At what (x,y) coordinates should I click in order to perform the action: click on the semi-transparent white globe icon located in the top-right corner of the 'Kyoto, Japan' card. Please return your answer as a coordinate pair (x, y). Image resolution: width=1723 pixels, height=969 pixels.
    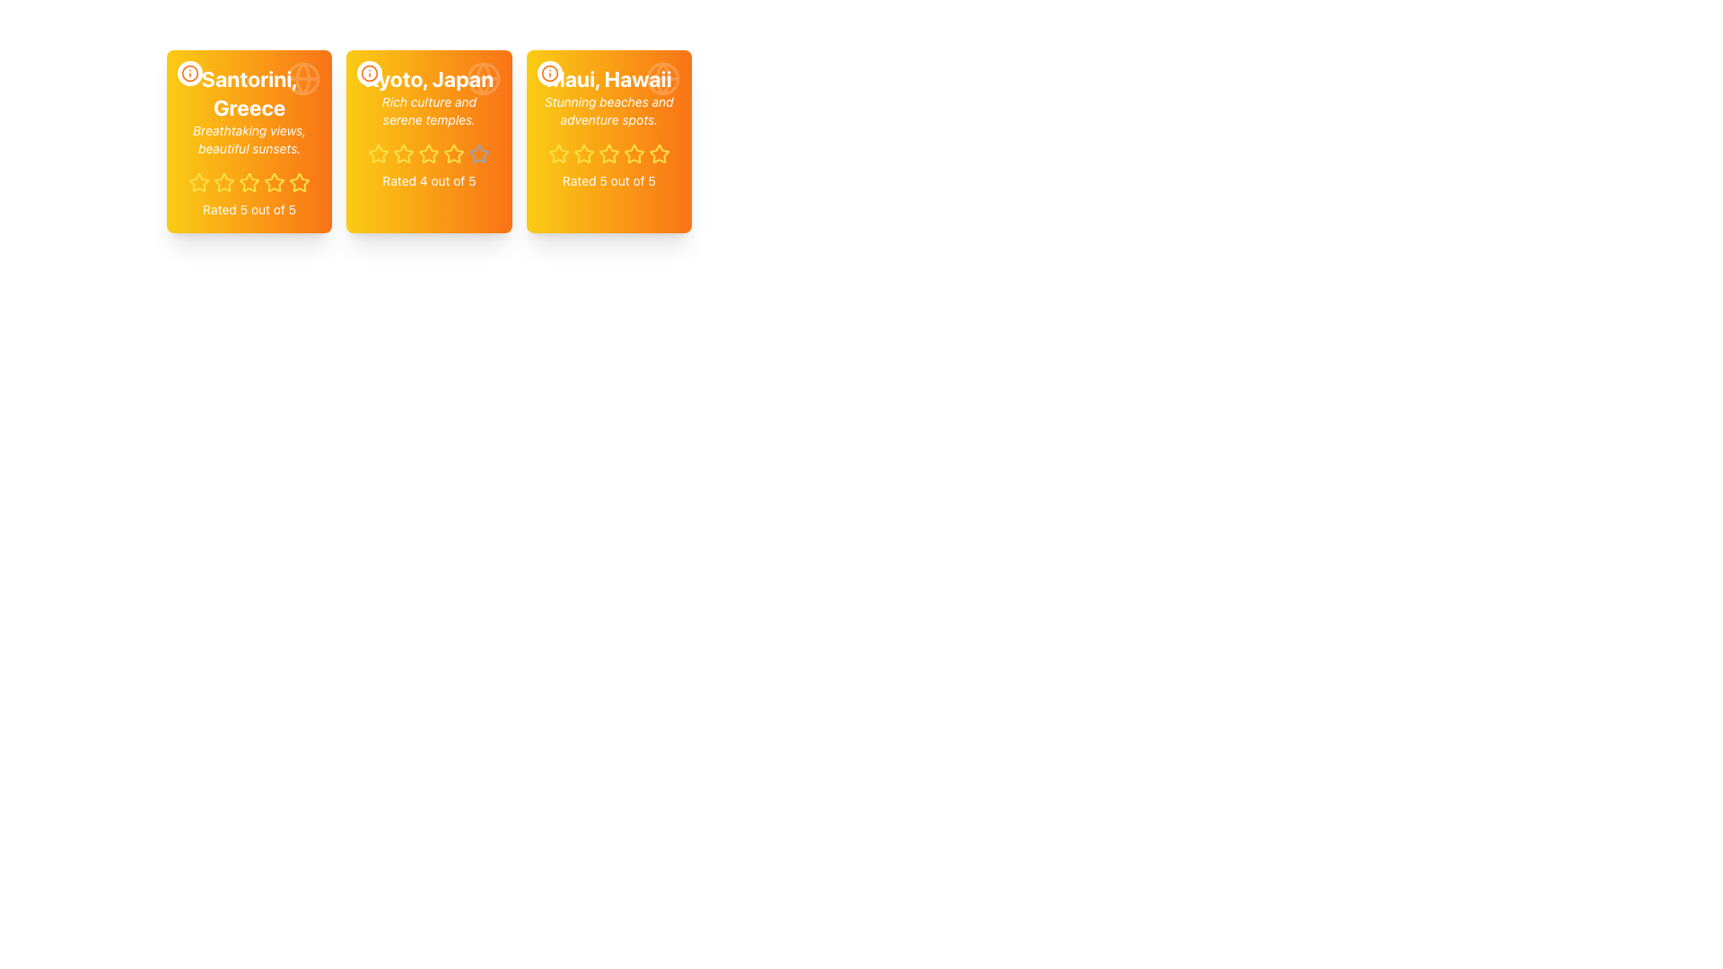
    Looking at the image, I should click on (483, 78).